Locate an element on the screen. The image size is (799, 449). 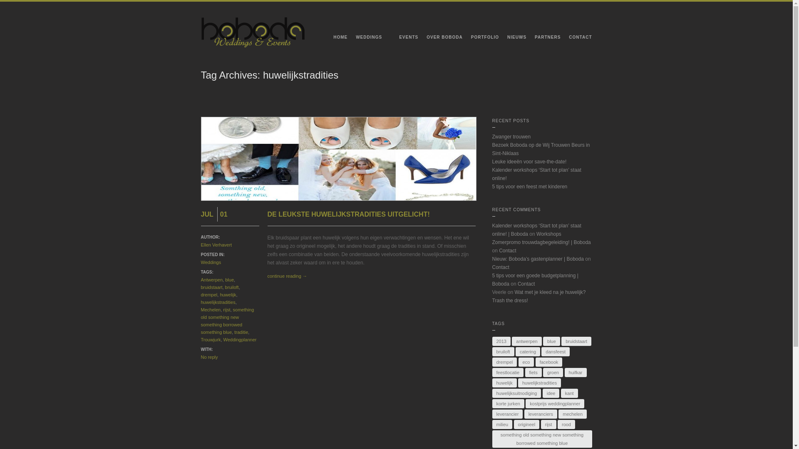
'2013' is located at coordinates (501, 341).